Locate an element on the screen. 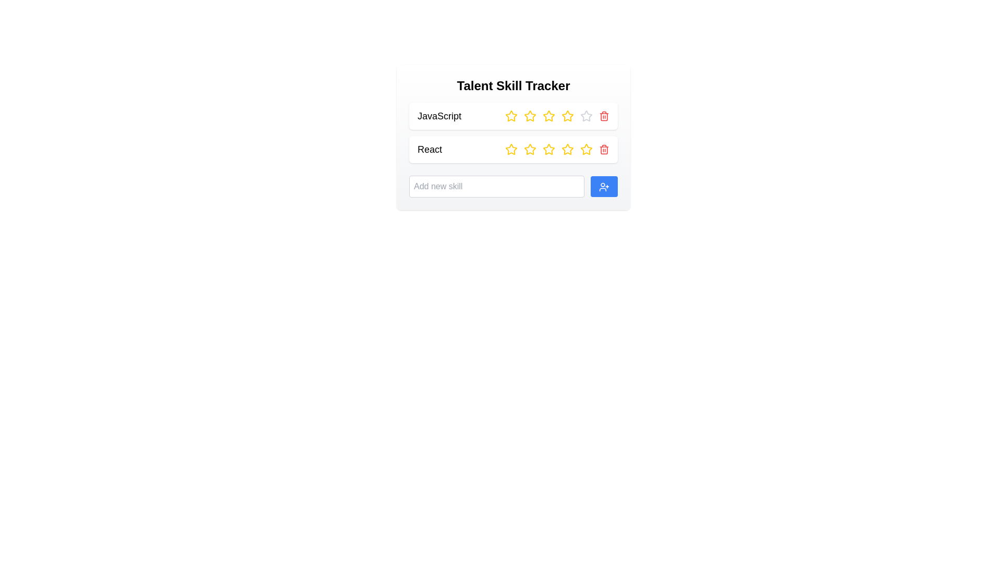  the yellow star-shaped icon representing the second rating star for the 'JavaScript' skill in the 'Talent Skill Tracker' interface is located at coordinates (530, 116).